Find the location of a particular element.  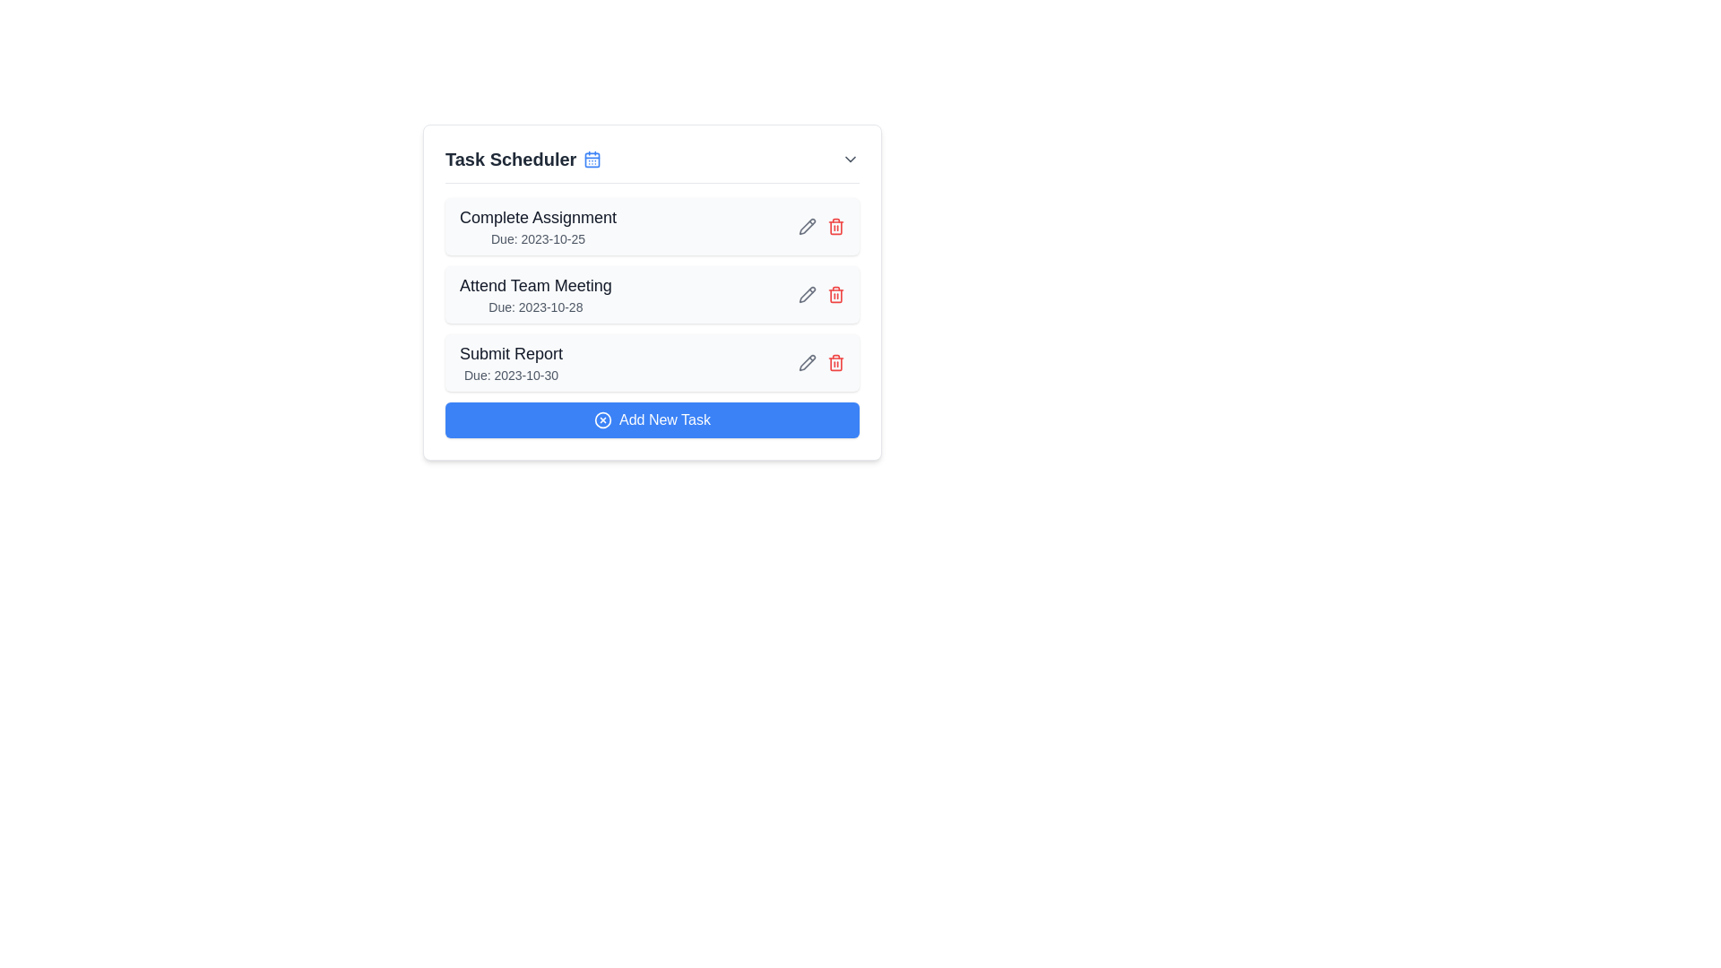

the 'Add New Task' button that contains a circular graphic with a blue background, white border, and red interior, located at the bottom of the 'Task Scheduler' panel is located at coordinates (602, 420).